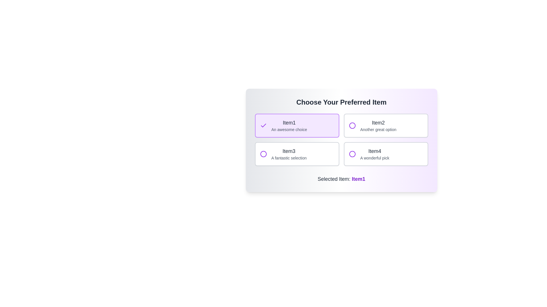  Describe the element at coordinates (297, 154) in the screenshot. I see `the radio button labeled 'Item3' which has a circular icon and subtext 'A fantastic selection'` at that location.